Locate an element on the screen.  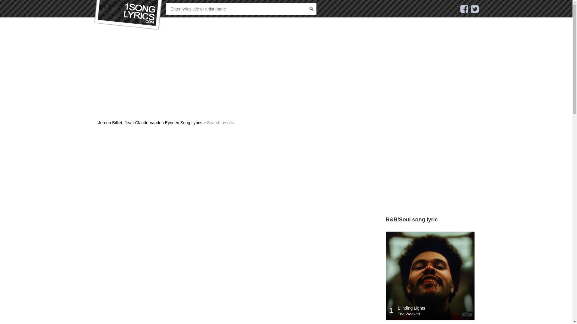
'Advertisement' is located at coordinates (98, 174).